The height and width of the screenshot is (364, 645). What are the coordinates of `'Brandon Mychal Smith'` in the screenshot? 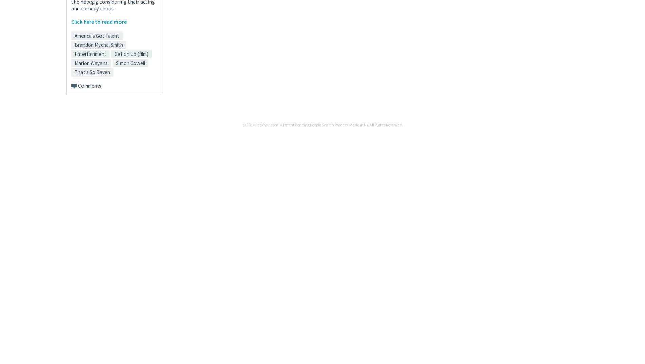 It's located at (98, 44).